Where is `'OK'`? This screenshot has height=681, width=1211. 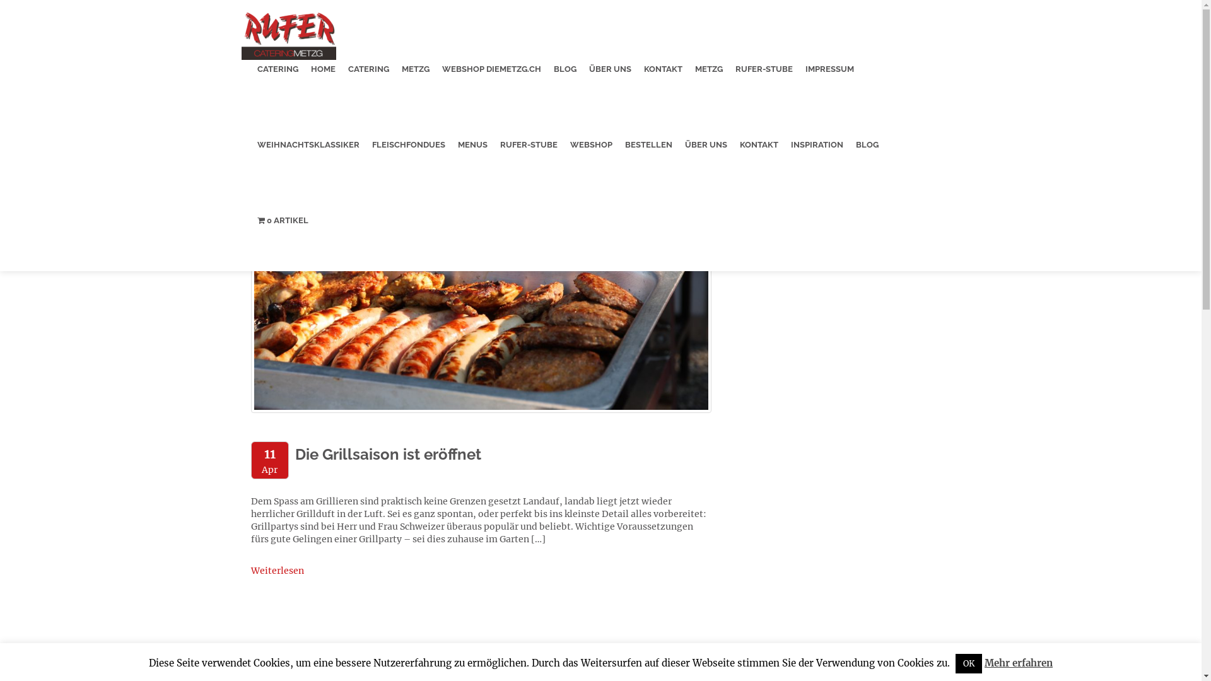
'OK' is located at coordinates (968, 663).